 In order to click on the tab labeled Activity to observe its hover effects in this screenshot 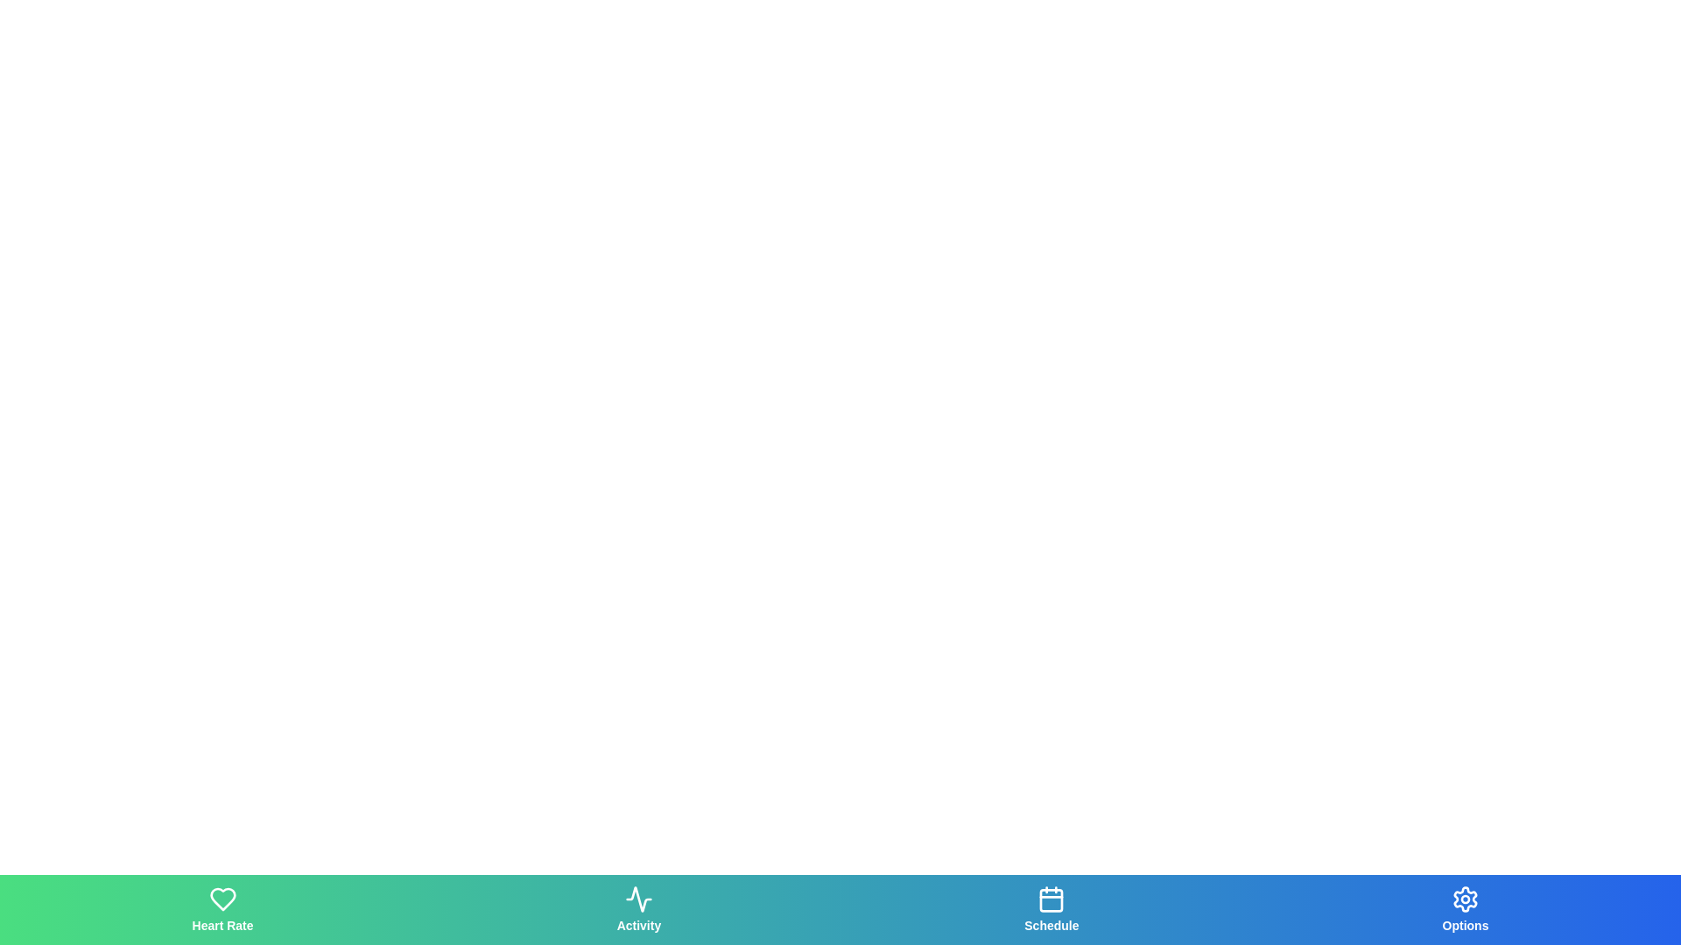, I will do `click(637, 909)`.